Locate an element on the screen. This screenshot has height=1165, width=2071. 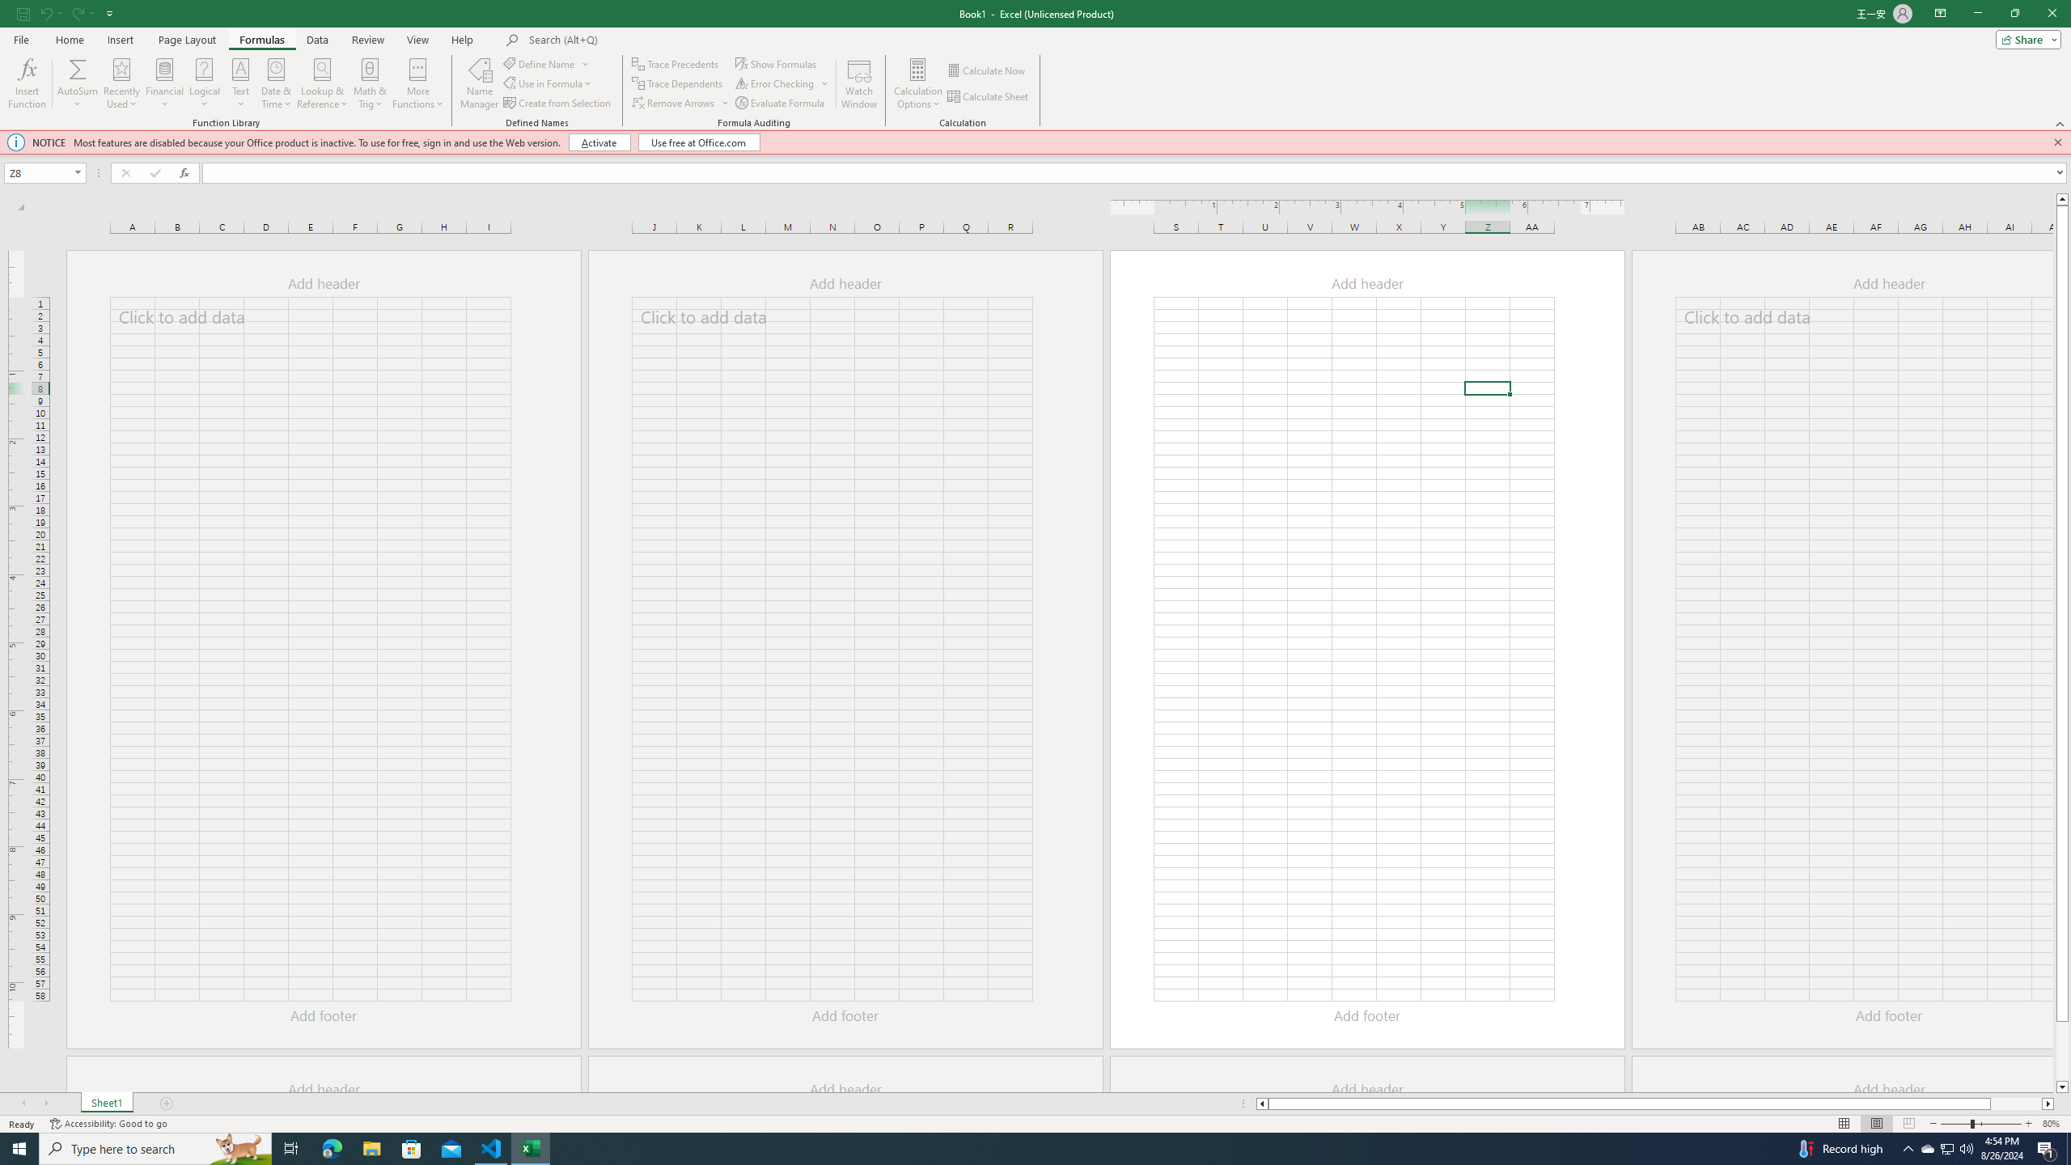
'Define Name...' is located at coordinates (540, 63).